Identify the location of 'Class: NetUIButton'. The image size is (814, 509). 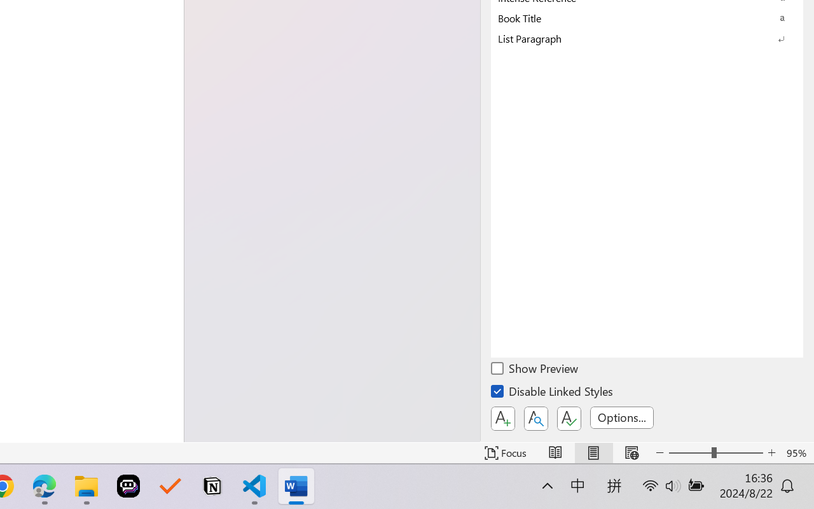
(568, 418).